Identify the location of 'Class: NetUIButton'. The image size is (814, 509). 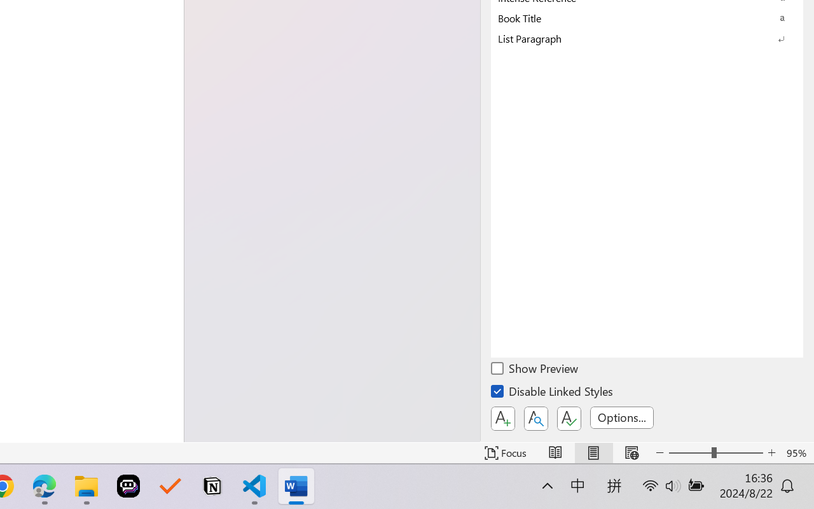
(568, 418).